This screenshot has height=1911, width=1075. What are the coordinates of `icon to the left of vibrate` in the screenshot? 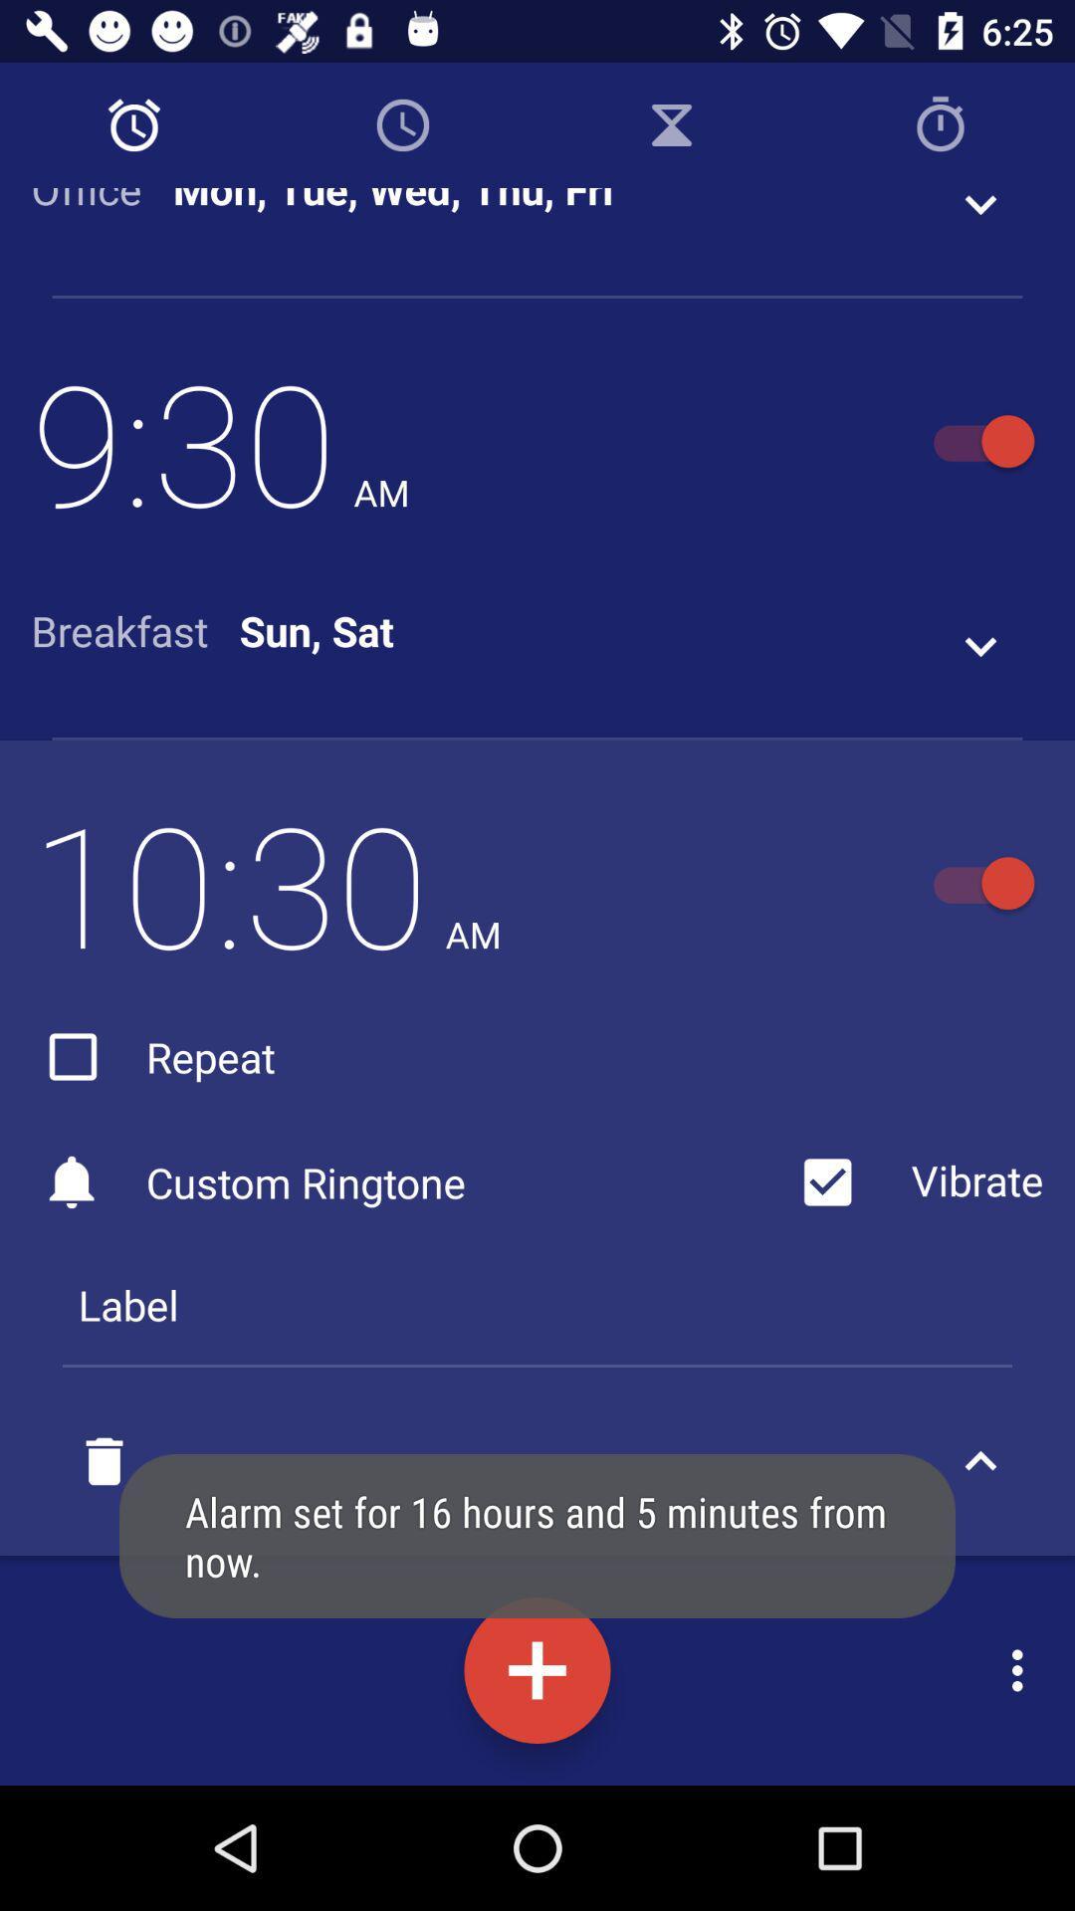 It's located at (152, 1055).